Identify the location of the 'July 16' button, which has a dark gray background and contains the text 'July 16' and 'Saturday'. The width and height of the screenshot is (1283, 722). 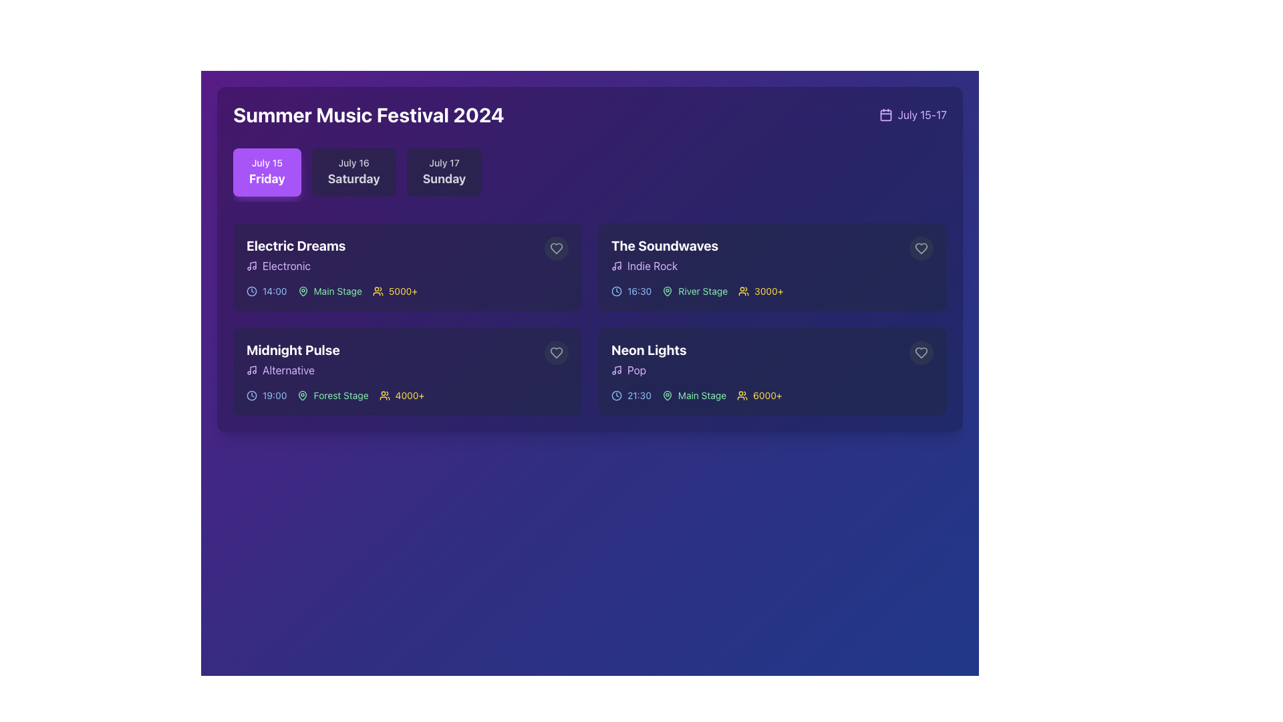
(353, 172).